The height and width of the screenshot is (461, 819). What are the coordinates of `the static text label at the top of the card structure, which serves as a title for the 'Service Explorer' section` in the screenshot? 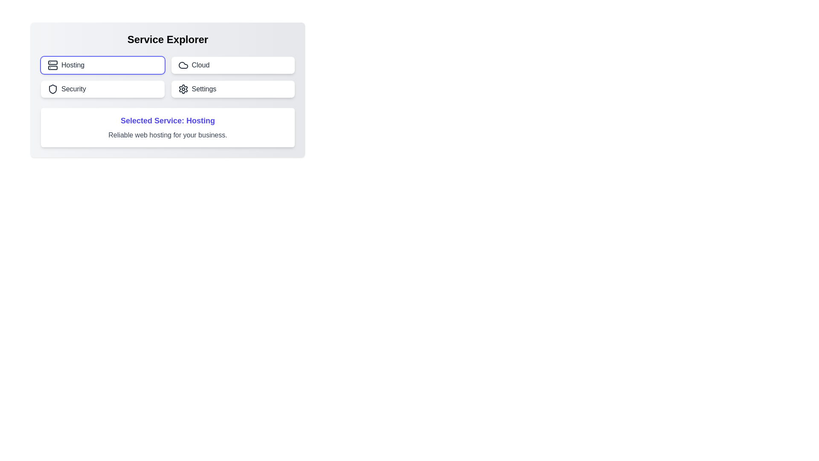 It's located at (168, 39).